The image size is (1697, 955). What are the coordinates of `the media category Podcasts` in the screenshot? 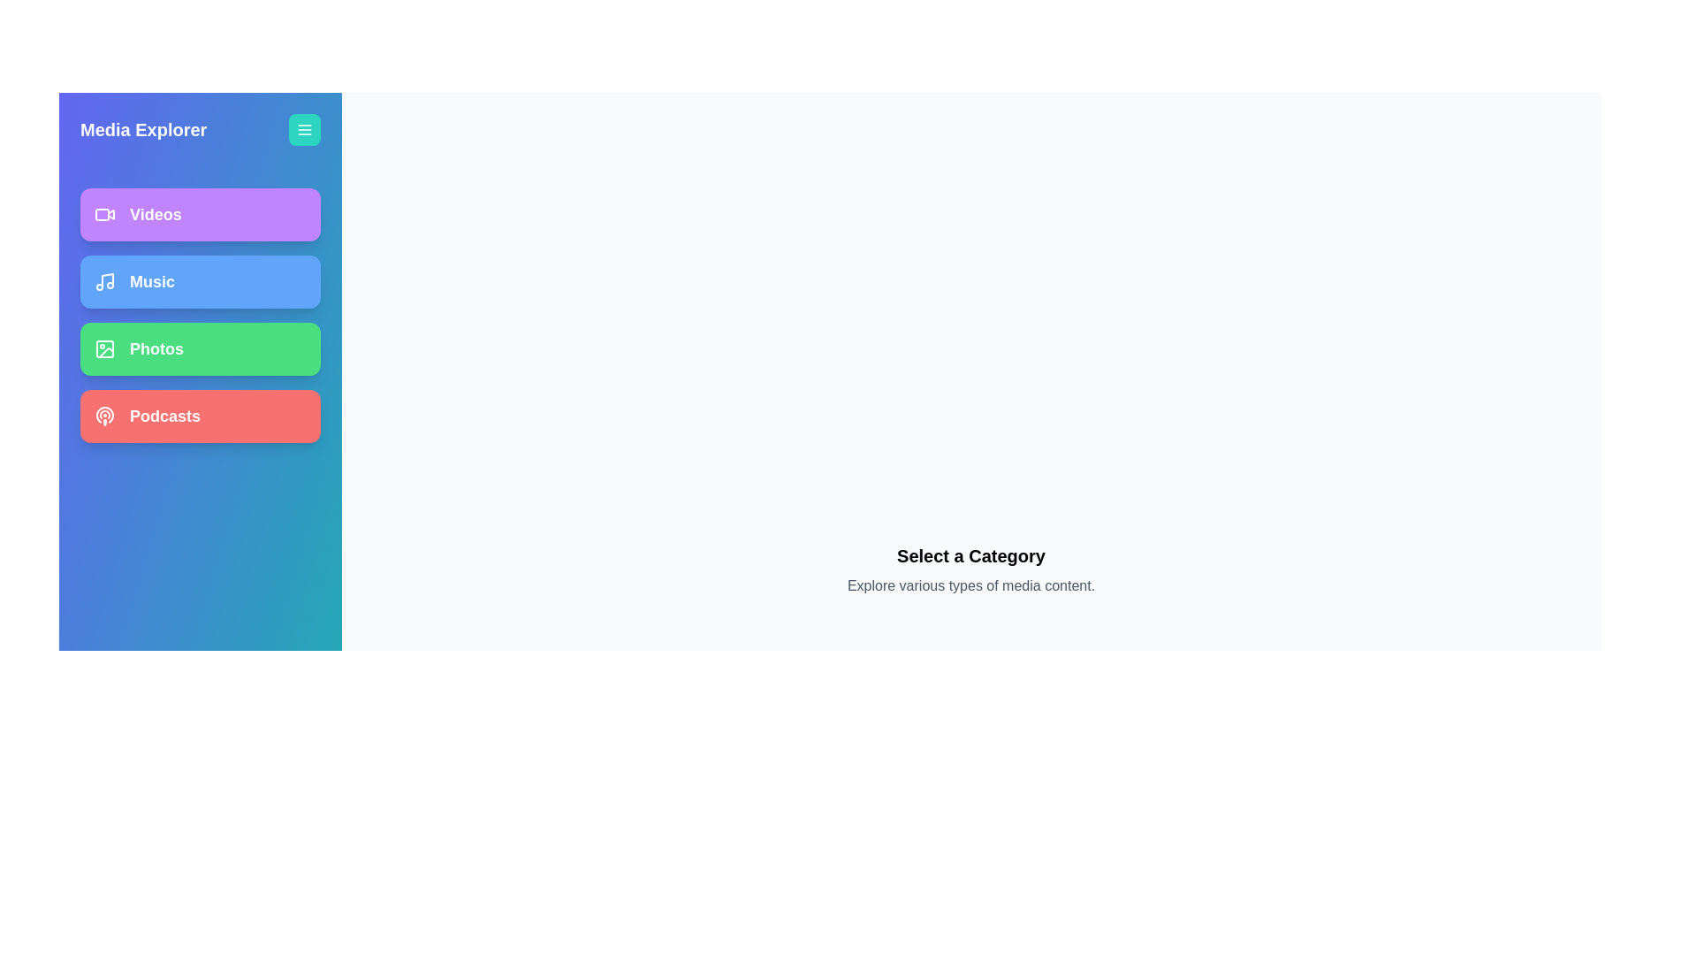 It's located at (200, 416).